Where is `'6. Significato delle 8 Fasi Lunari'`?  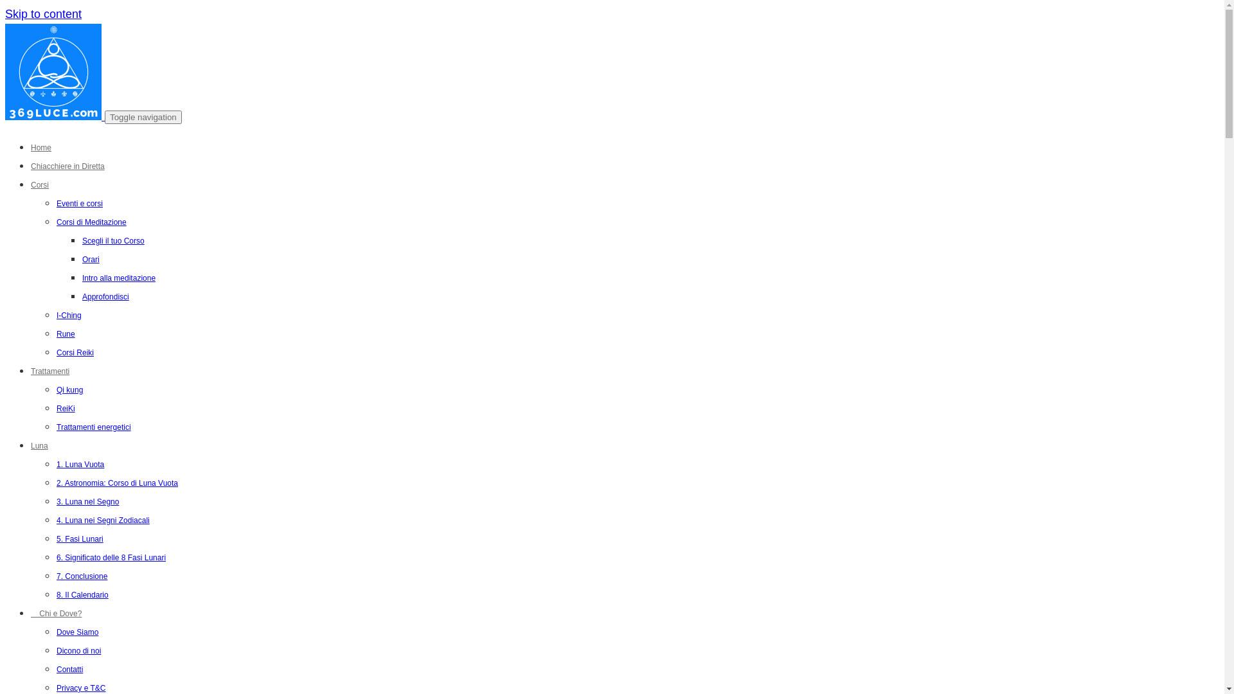 '6. Significato delle 8 Fasi Lunari' is located at coordinates (55, 556).